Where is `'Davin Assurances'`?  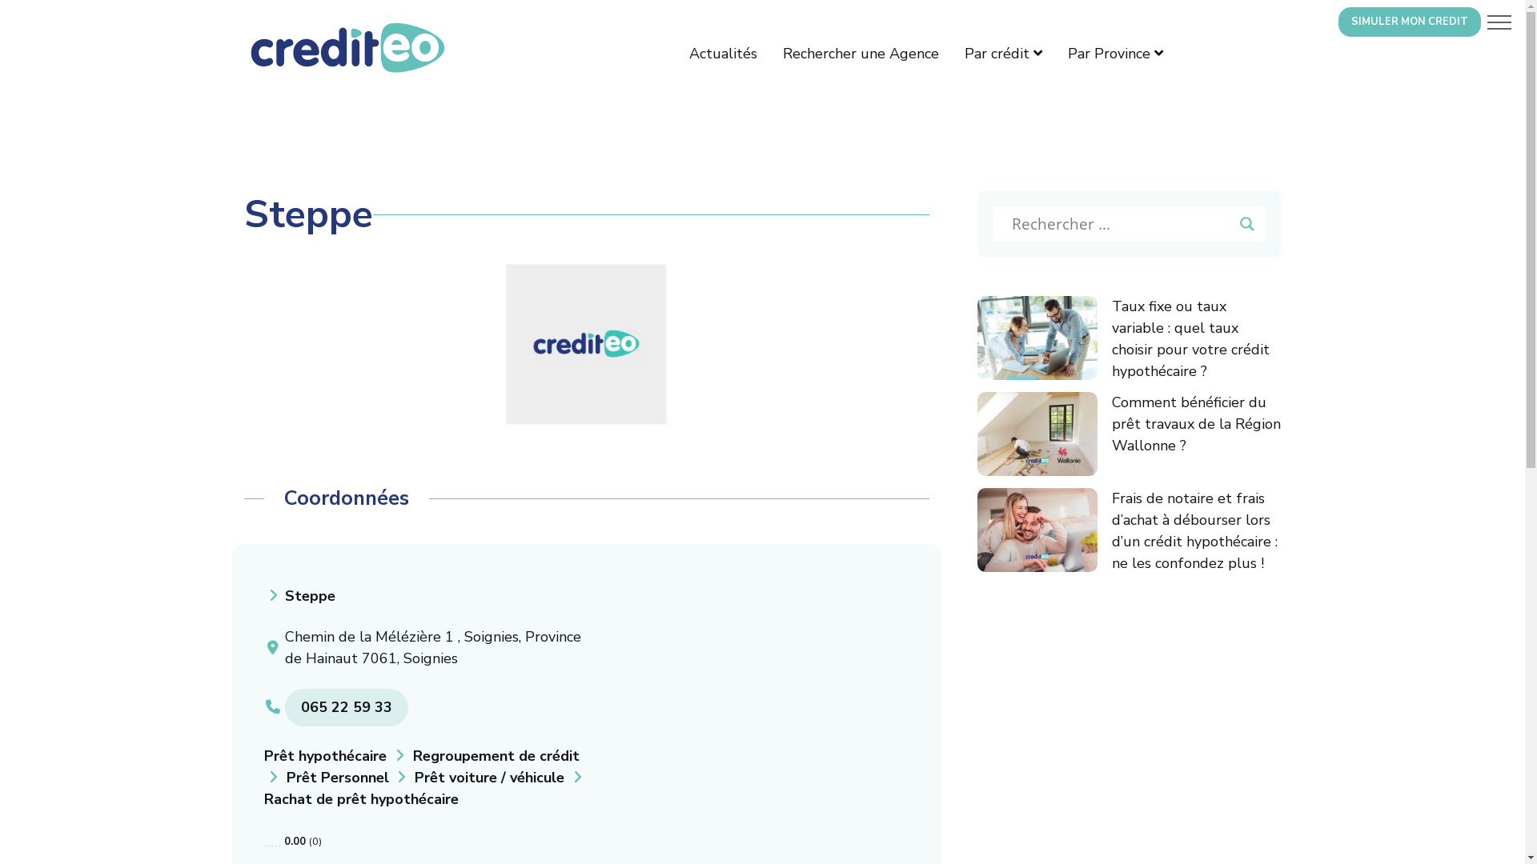 'Davin Assurances' is located at coordinates (585, 343).